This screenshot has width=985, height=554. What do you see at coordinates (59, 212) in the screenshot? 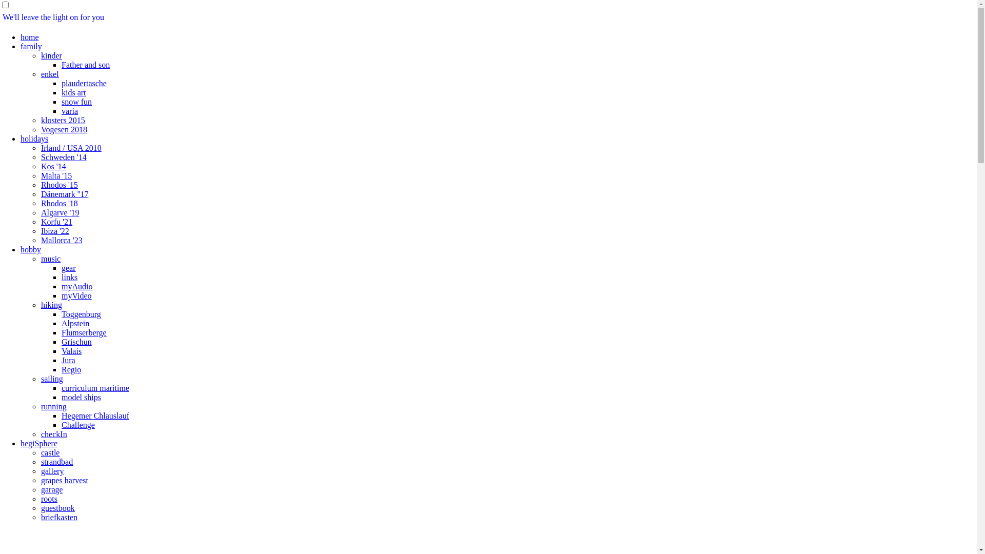
I see `'Algarve '19'` at bounding box center [59, 212].